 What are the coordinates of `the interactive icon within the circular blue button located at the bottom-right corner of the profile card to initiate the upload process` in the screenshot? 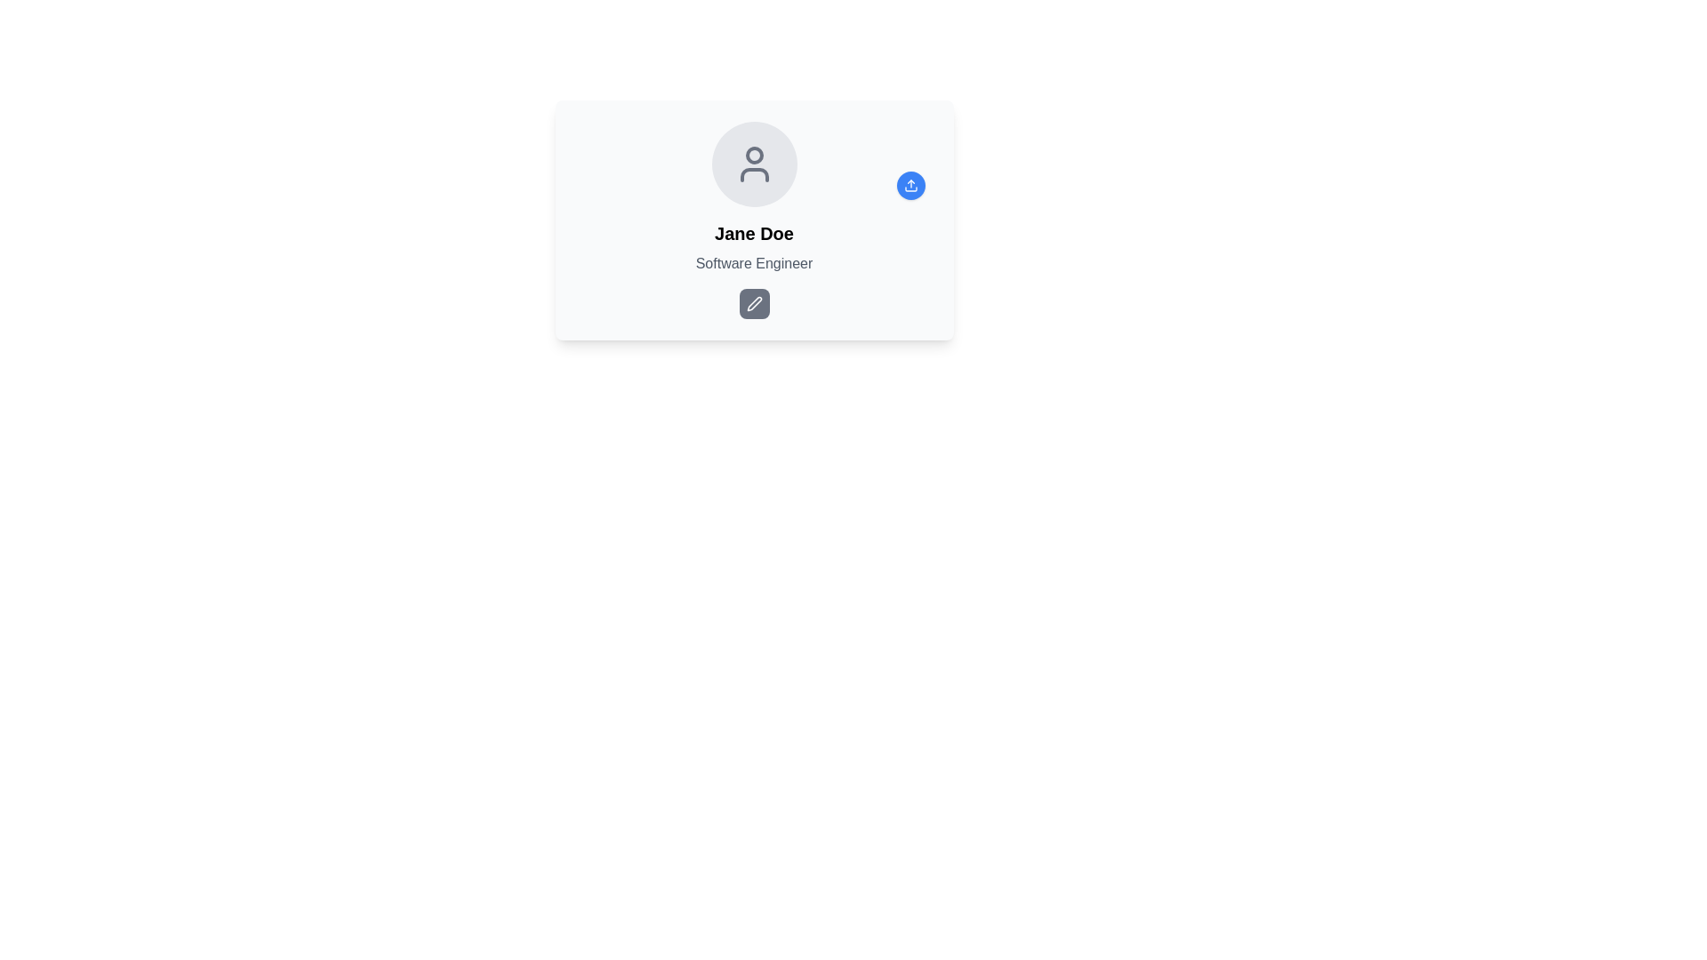 It's located at (910, 185).